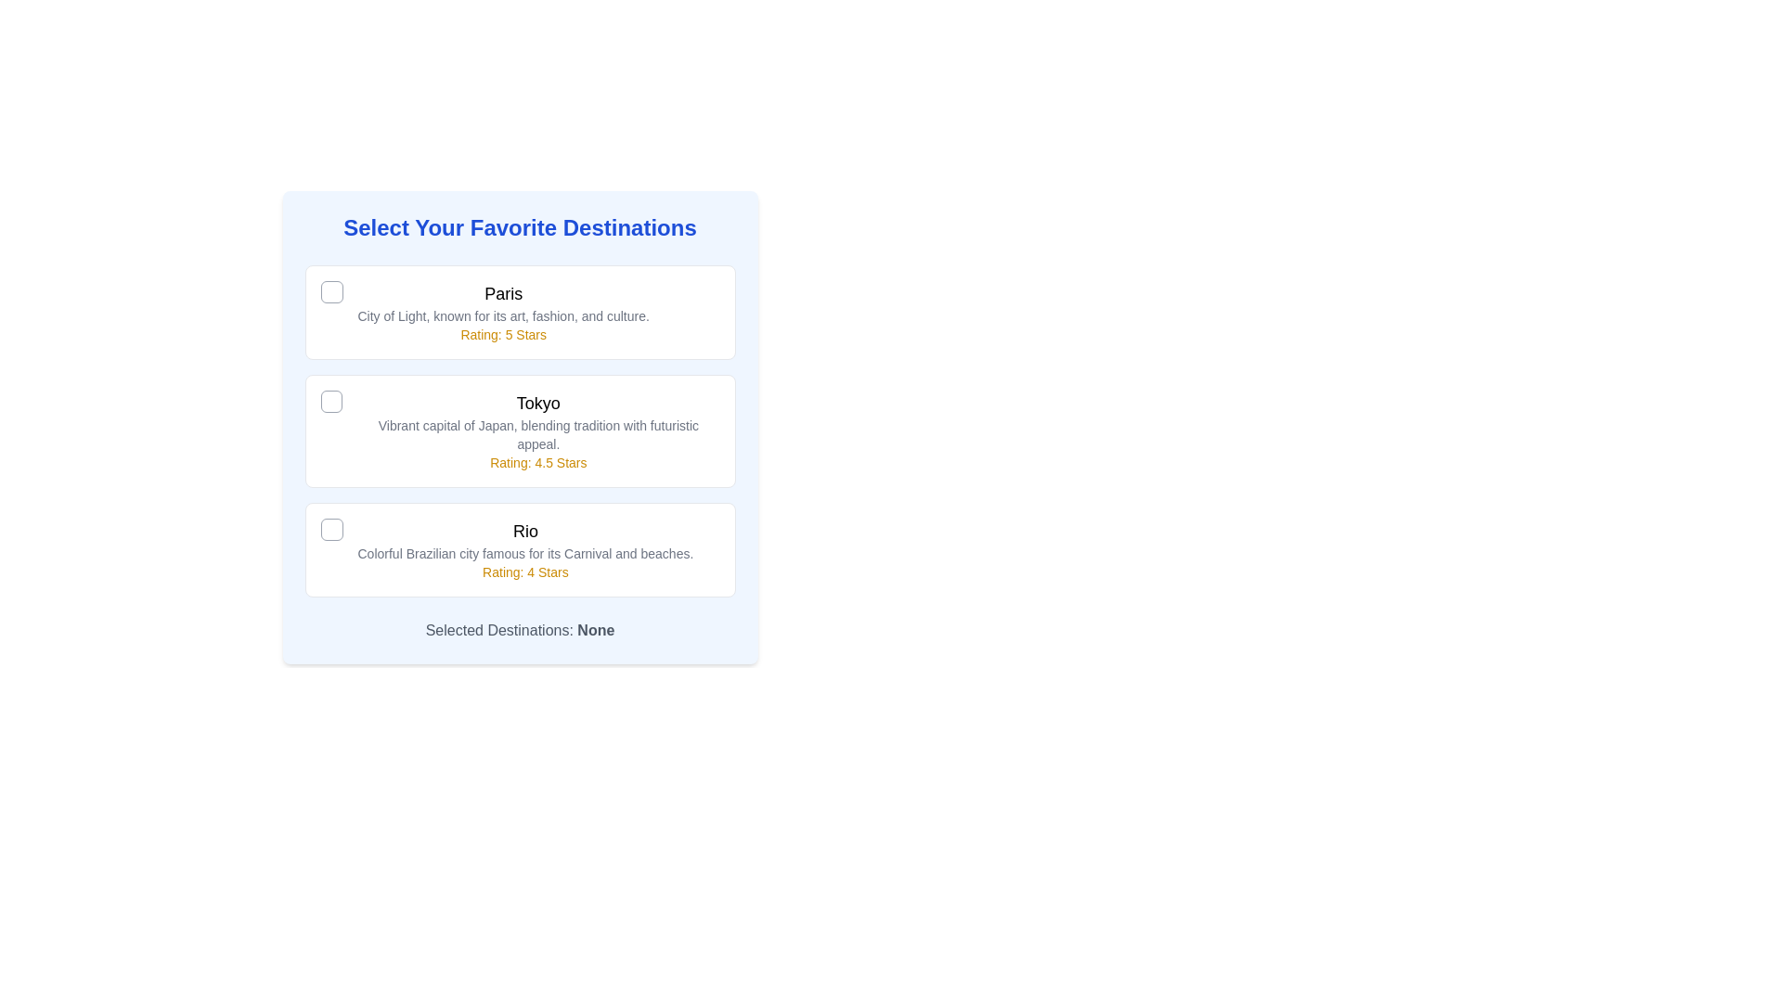  Describe the element at coordinates (537, 435) in the screenshot. I see `descriptive text component about Tokyo, which states 'Vibrant capital of Japan, blending tradition with futuristic appeal.' This text is styled in a smaller gray font and is located centrally beneath the title 'Tokyo.'` at that location.